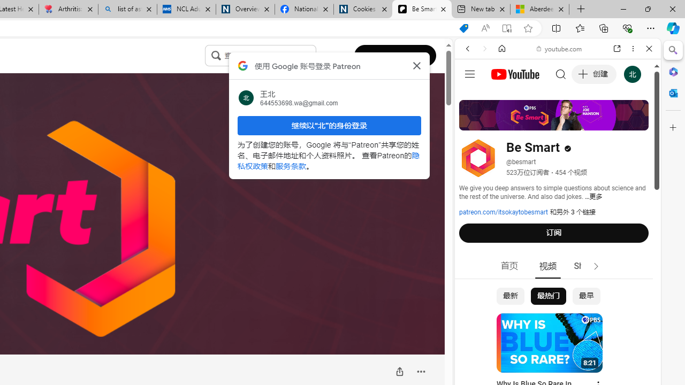 The image size is (685, 385). I want to click on 'Shorts', so click(586, 266).